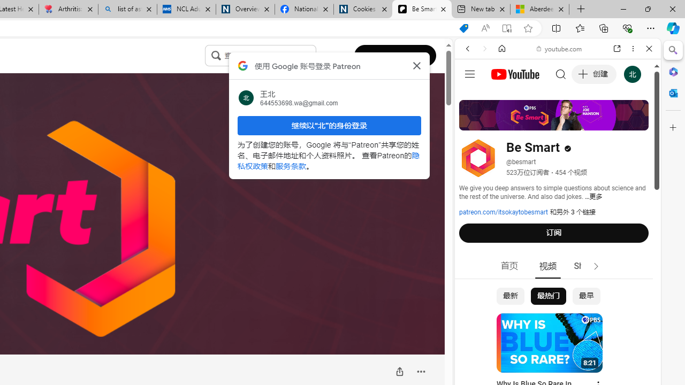 The image size is (685, 385). I want to click on 'Shorts', so click(586, 266).